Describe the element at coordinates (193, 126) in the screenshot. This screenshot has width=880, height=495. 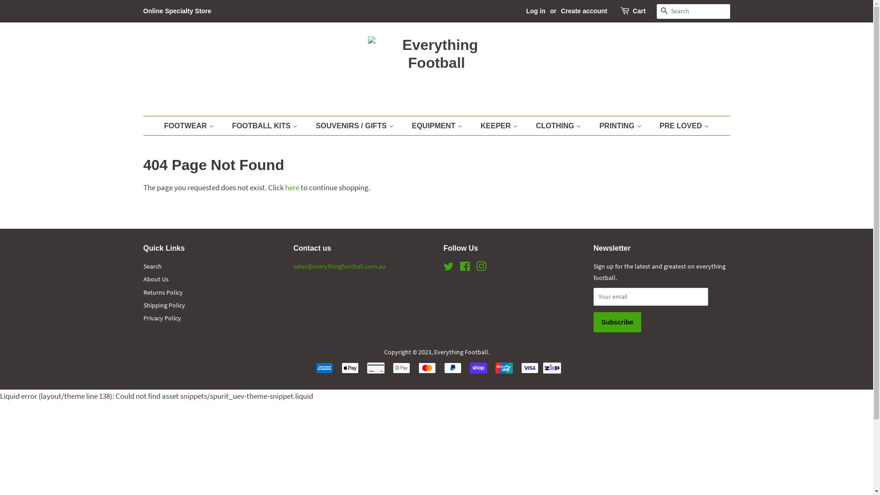
I see `'FOOTWEAR'` at that location.